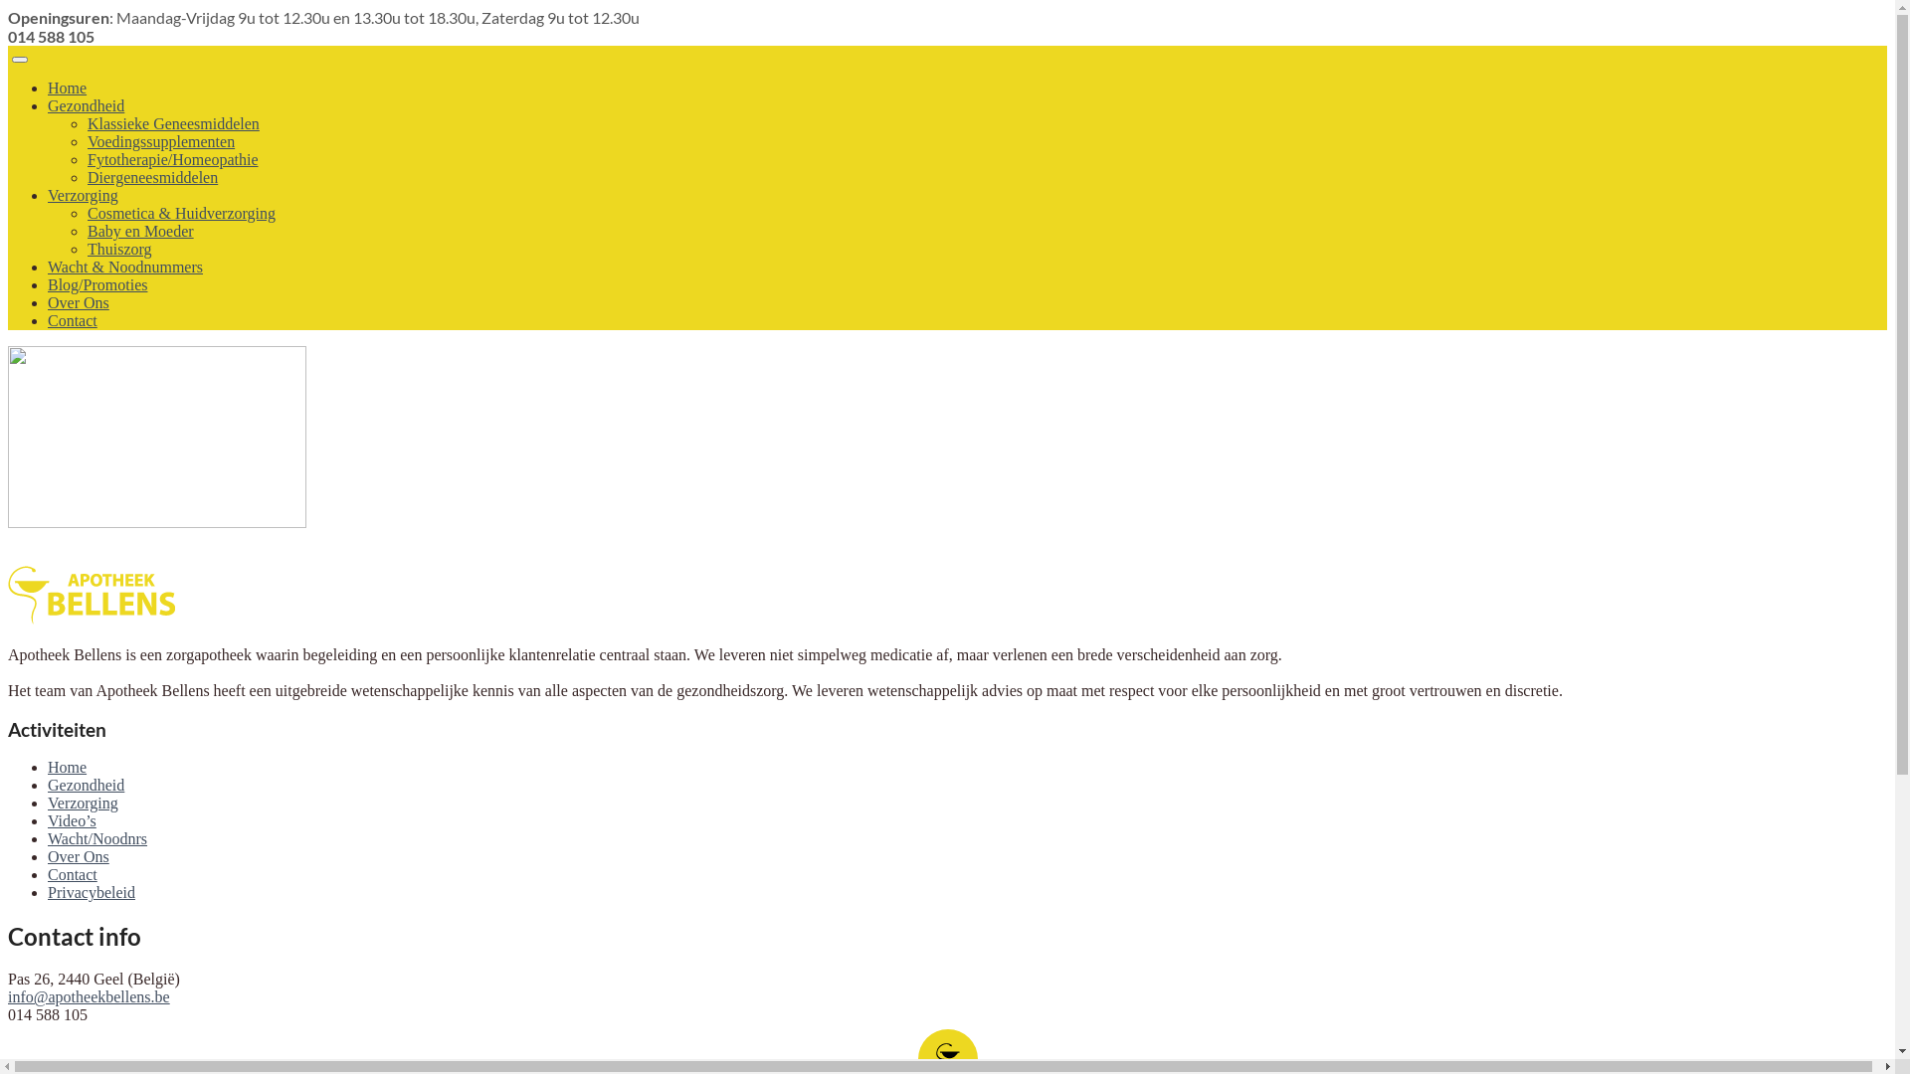 The width and height of the screenshot is (1910, 1074). Describe the element at coordinates (72, 873) in the screenshot. I see `'Contact'` at that location.